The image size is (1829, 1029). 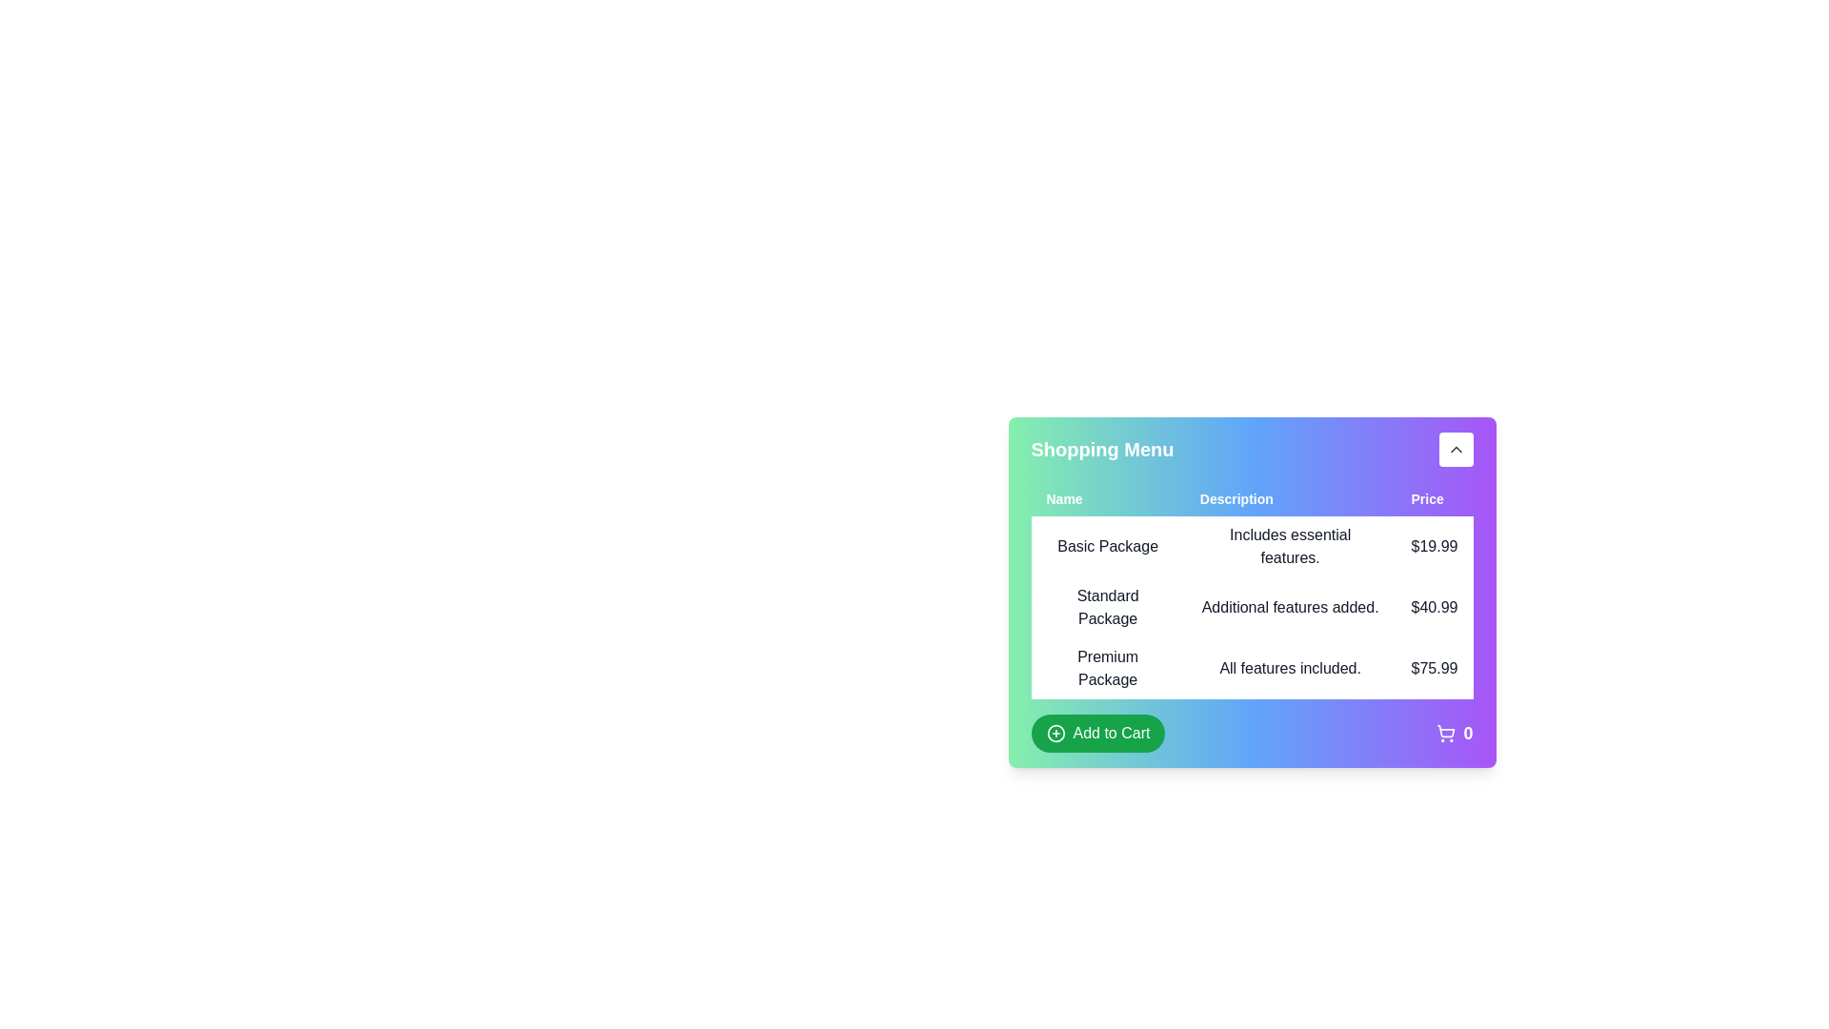 What do you see at coordinates (1252, 668) in the screenshot?
I see `the bottom row in the Shopping Menu table that contains the text 'Premium Package', 'All features included.', and '$75.99'` at bounding box center [1252, 668].